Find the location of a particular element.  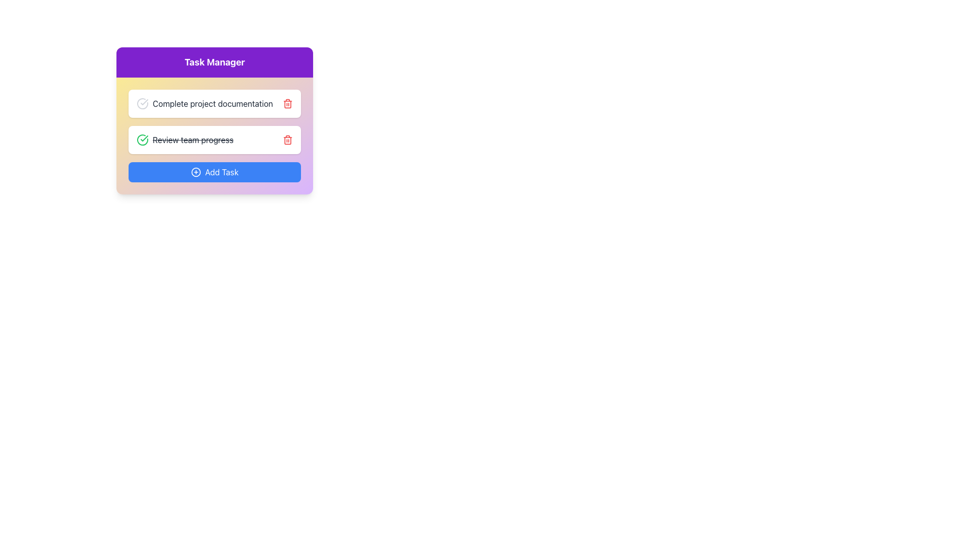

the task text 'Review team progress' by tapping on it is located at coordinates (214, 136).